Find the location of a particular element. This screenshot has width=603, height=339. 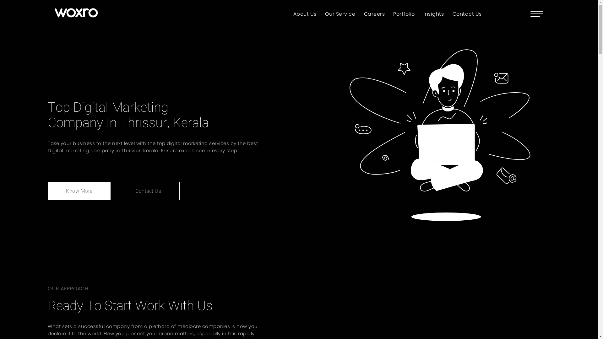

'About Us' is located at coordinates (305, 13).